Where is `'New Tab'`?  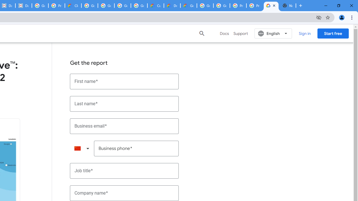
'New Tab' is located at coordinates (288, 6).